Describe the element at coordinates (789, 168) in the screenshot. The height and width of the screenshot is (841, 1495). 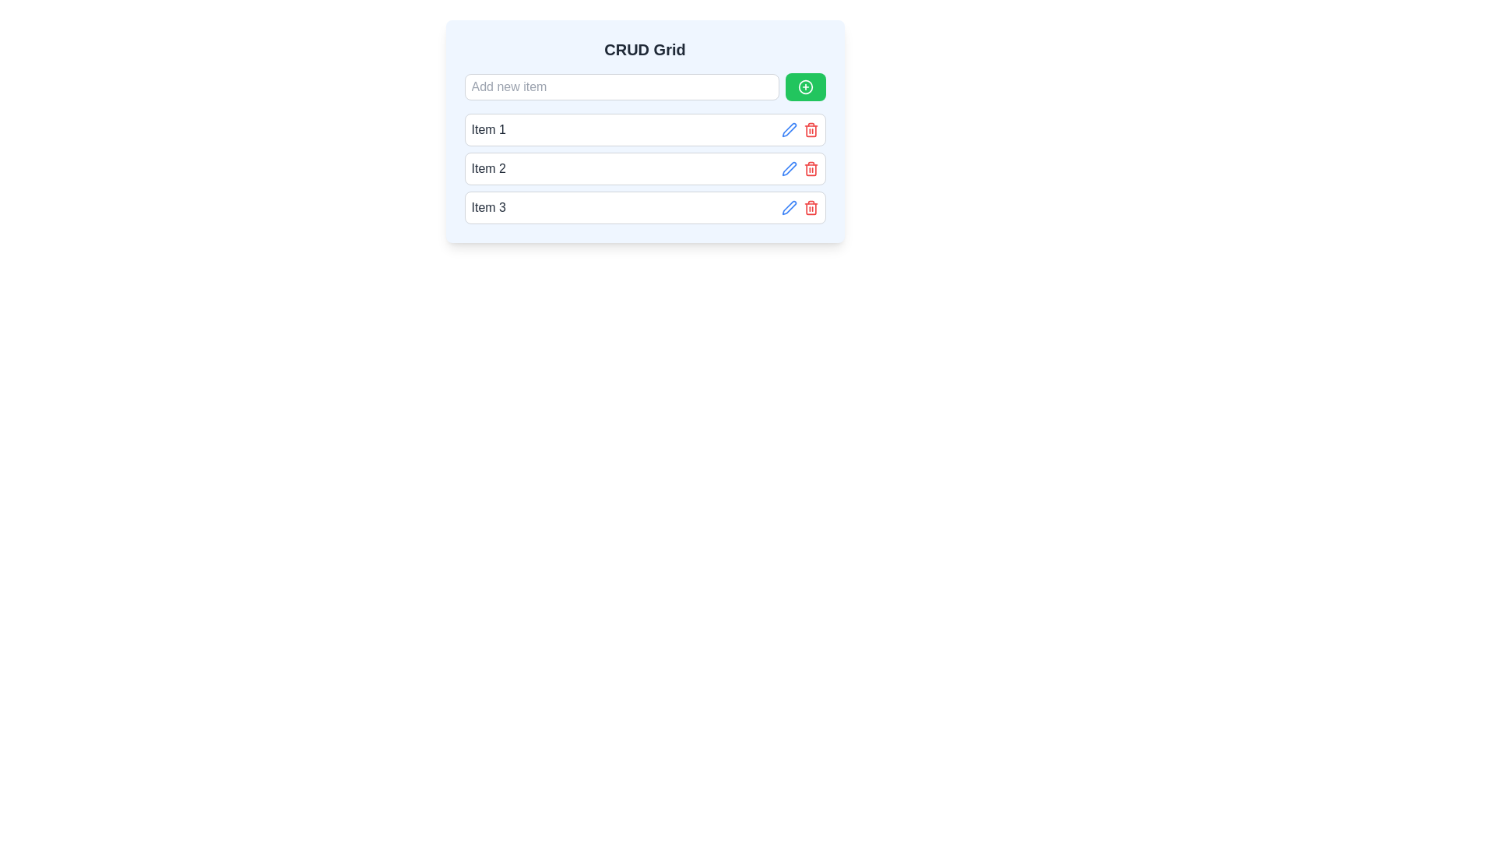
I see `the edit icon (pen symbol) located in the second row of the CRUD grid layout` at that location.